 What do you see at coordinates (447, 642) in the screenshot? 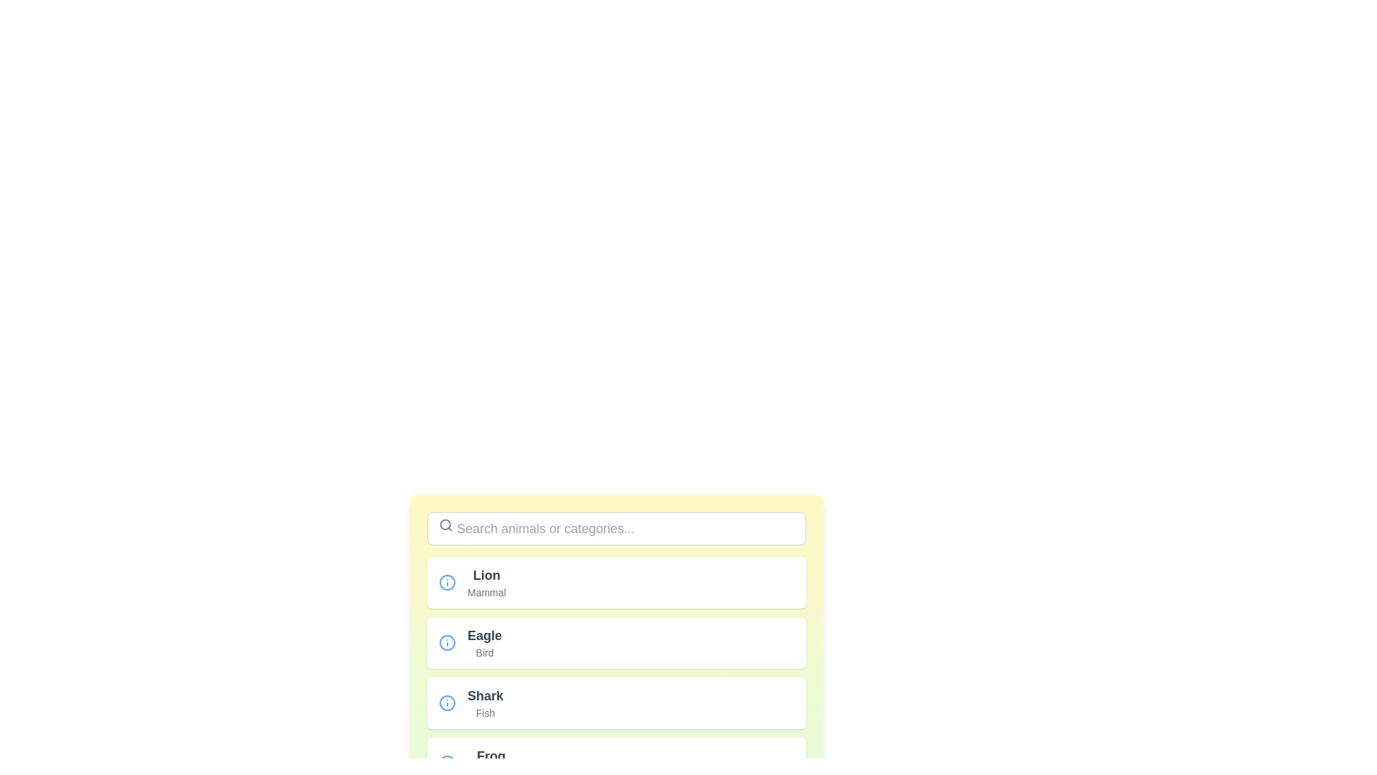
I see `the circular information icon with a blue gradient, located` at bounding box center [447, 642].